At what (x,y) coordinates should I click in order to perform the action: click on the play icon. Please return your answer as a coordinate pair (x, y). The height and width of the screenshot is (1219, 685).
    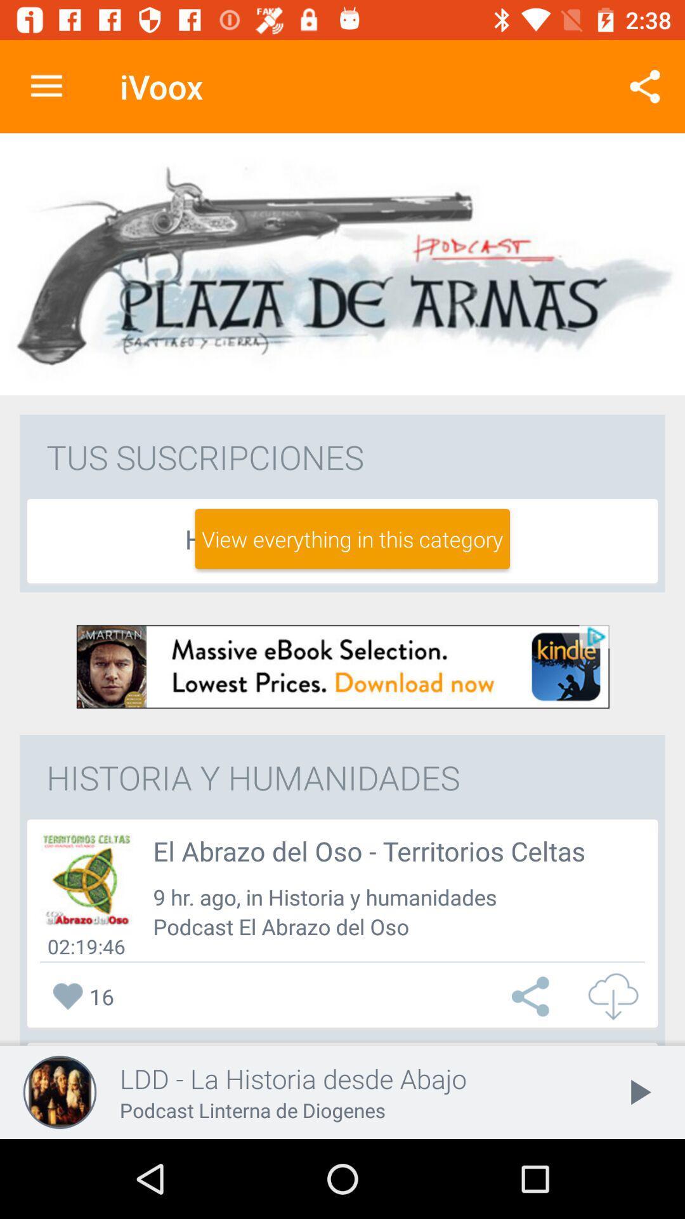
    Looking at the image, I should click on (638, 1091).